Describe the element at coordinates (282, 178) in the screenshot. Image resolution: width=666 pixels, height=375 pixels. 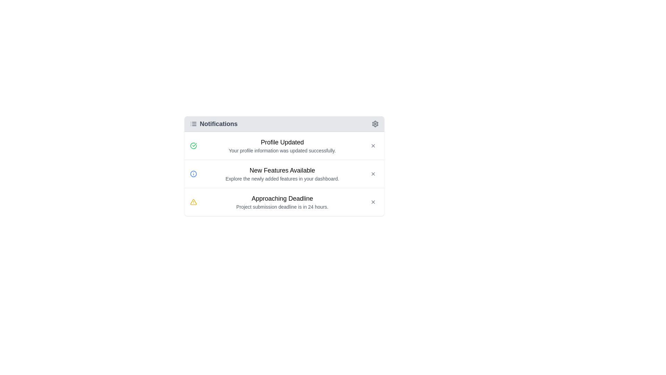
I see `text that says 'Explore the newly added features in your dashboard.' located beneath the title 'New Features Available.'` at that location.